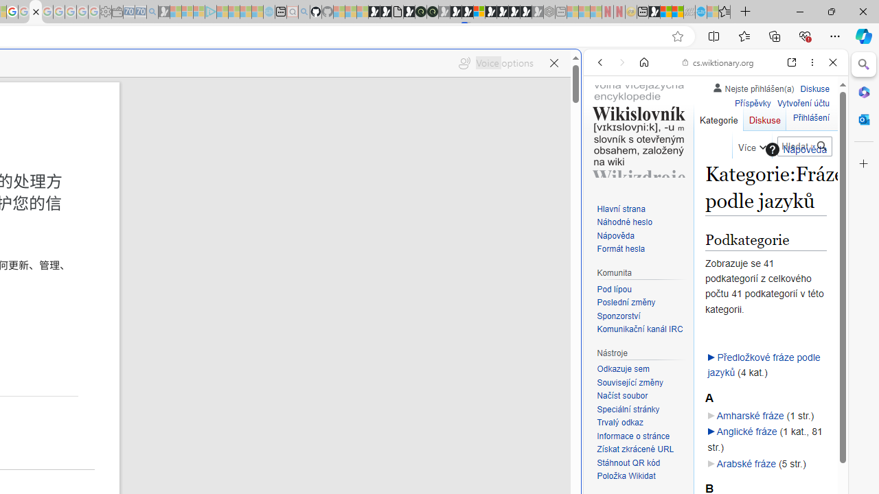 This screenshot has height=494, width=879. What do you see at coordinates (609, 459) in the screenshot?
I see `'Global web icon'` at bounding box center [609, 459].